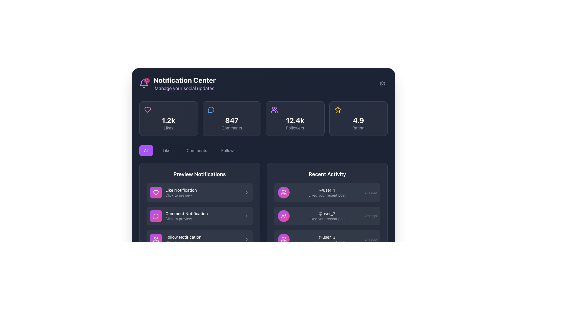 This screenshot has width=564, height=317. I want to click on the settings icon button located in the top-right corner of the interface to navigate via keyboard, so click(382, 84).